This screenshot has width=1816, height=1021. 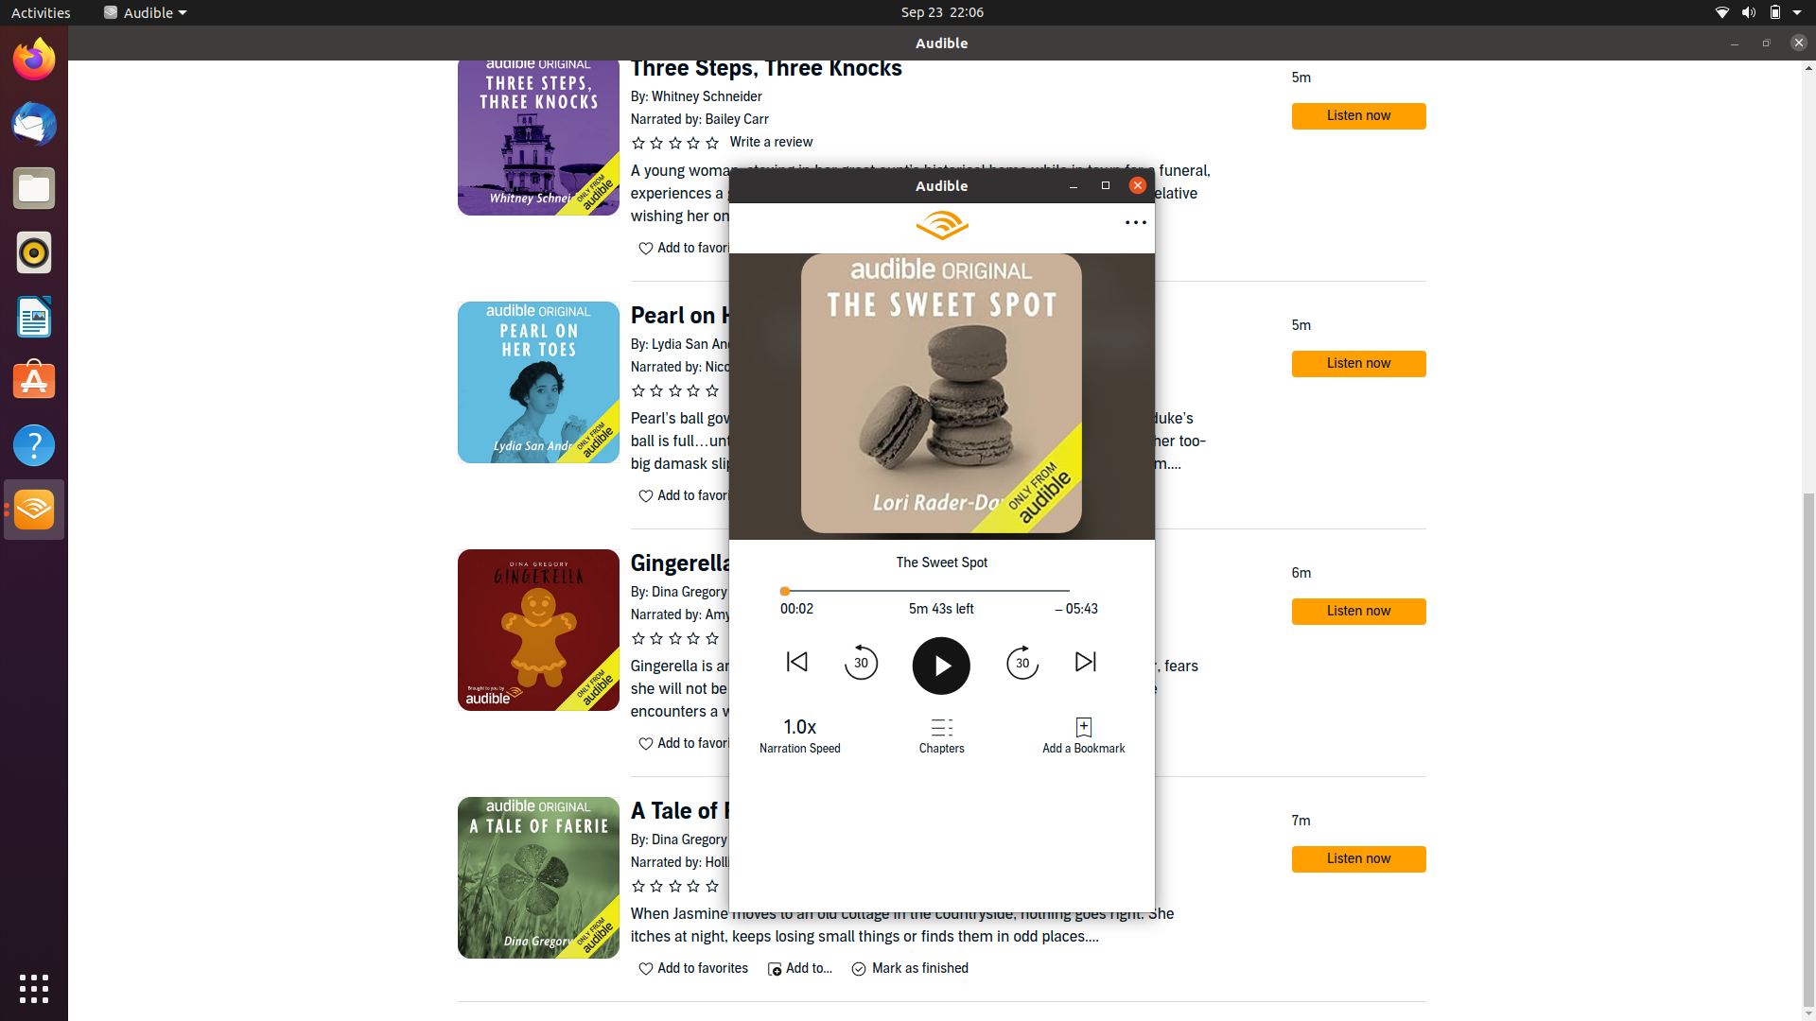 I want to click on Change narration speed to previous available speed, so click(x=800, y=732).